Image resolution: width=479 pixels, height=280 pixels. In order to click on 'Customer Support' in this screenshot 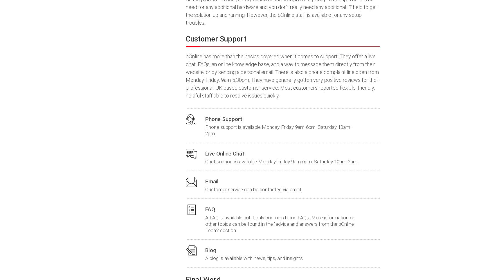, I will do `click(216, 39)`.